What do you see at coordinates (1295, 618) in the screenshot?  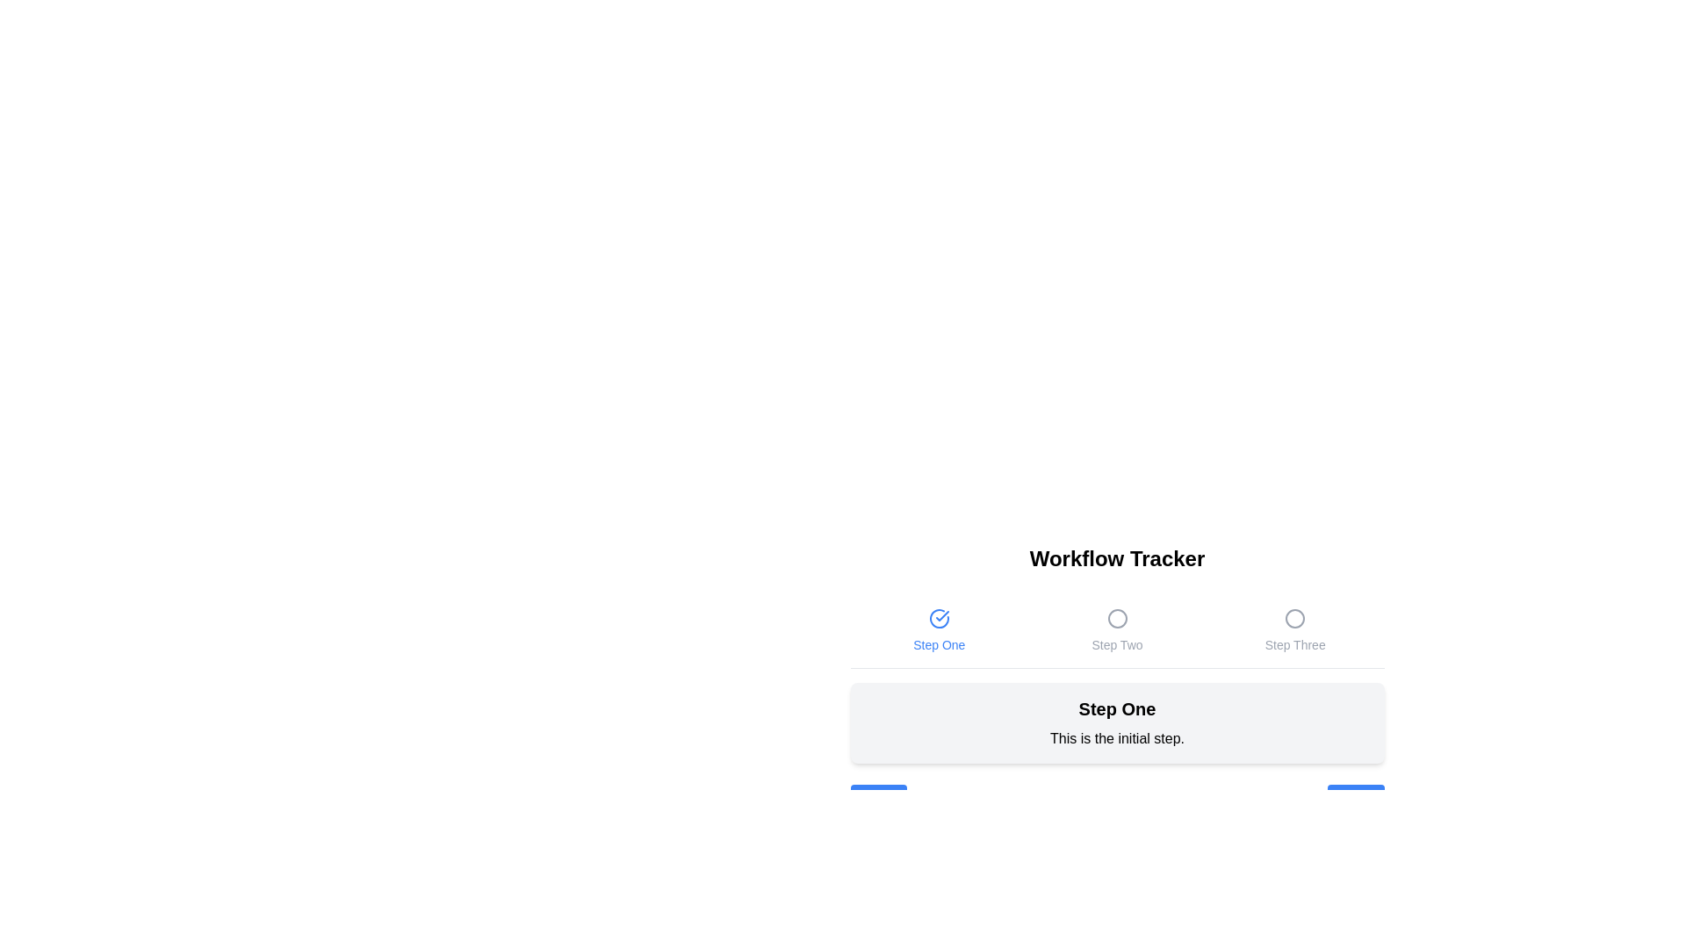 I see `the gray circular icon in the step indicator section labeled 'Step Three'` at bounding box center [1295, 618].